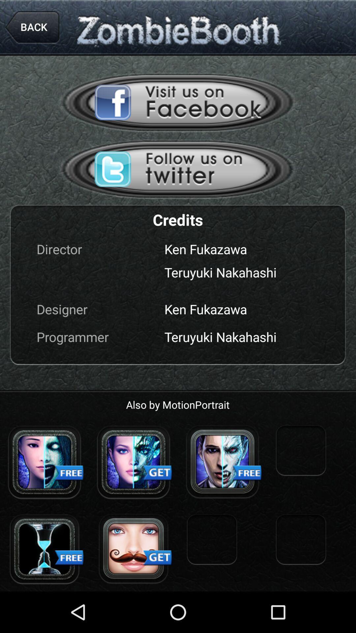 This screenshot has width=356, height=633. I want to click on the empty box which is present after three filled box, so click(301, 451).